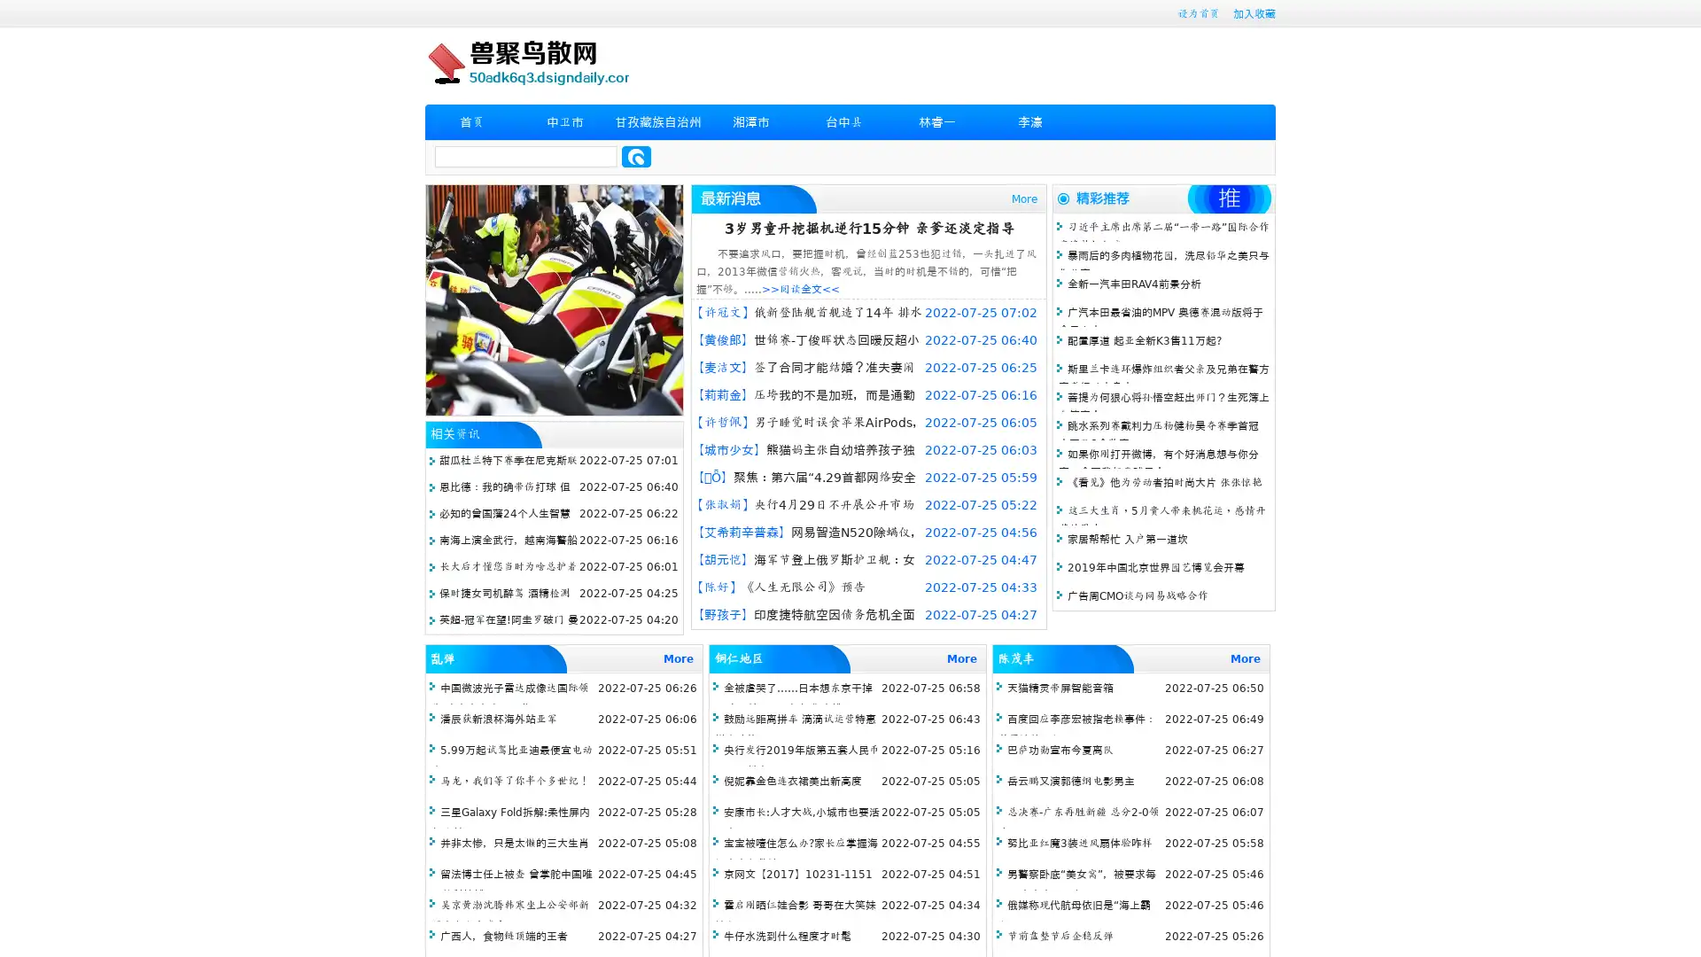 The height and width of the screenshot is (957, 1701). Describe the element at coordinates (636, 156) in the screenshot. I see `Search` at that location.